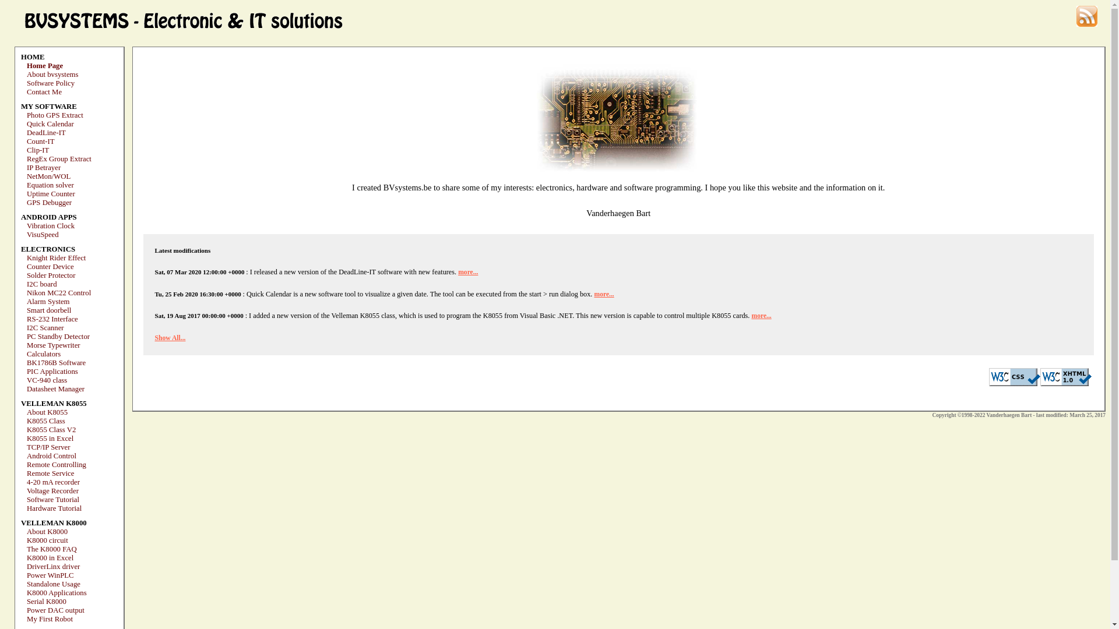  I want to click on 'more...', so click(761, 316).